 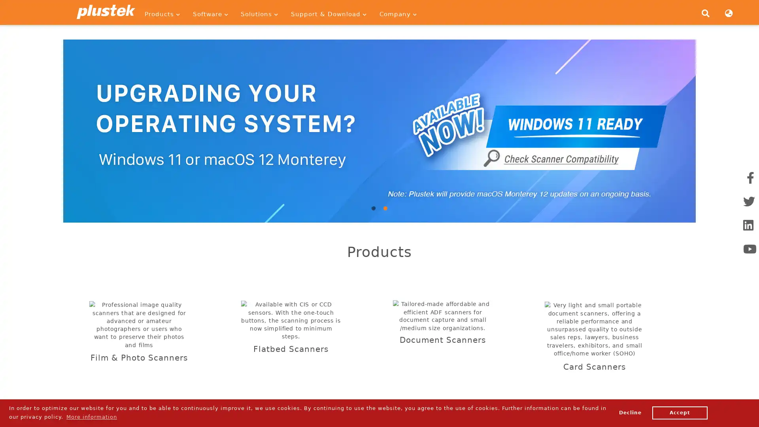 What do you see at coordinates (91, 416) in the screenshot?
I see `learn more about cookies` at bounding box center [91, 416].